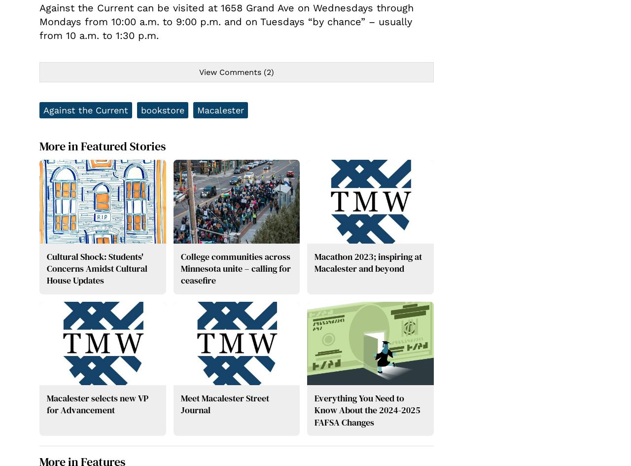 The width and height of the screenshot is (631, 466). I want to click on 'bookstore', so click(162, 109).